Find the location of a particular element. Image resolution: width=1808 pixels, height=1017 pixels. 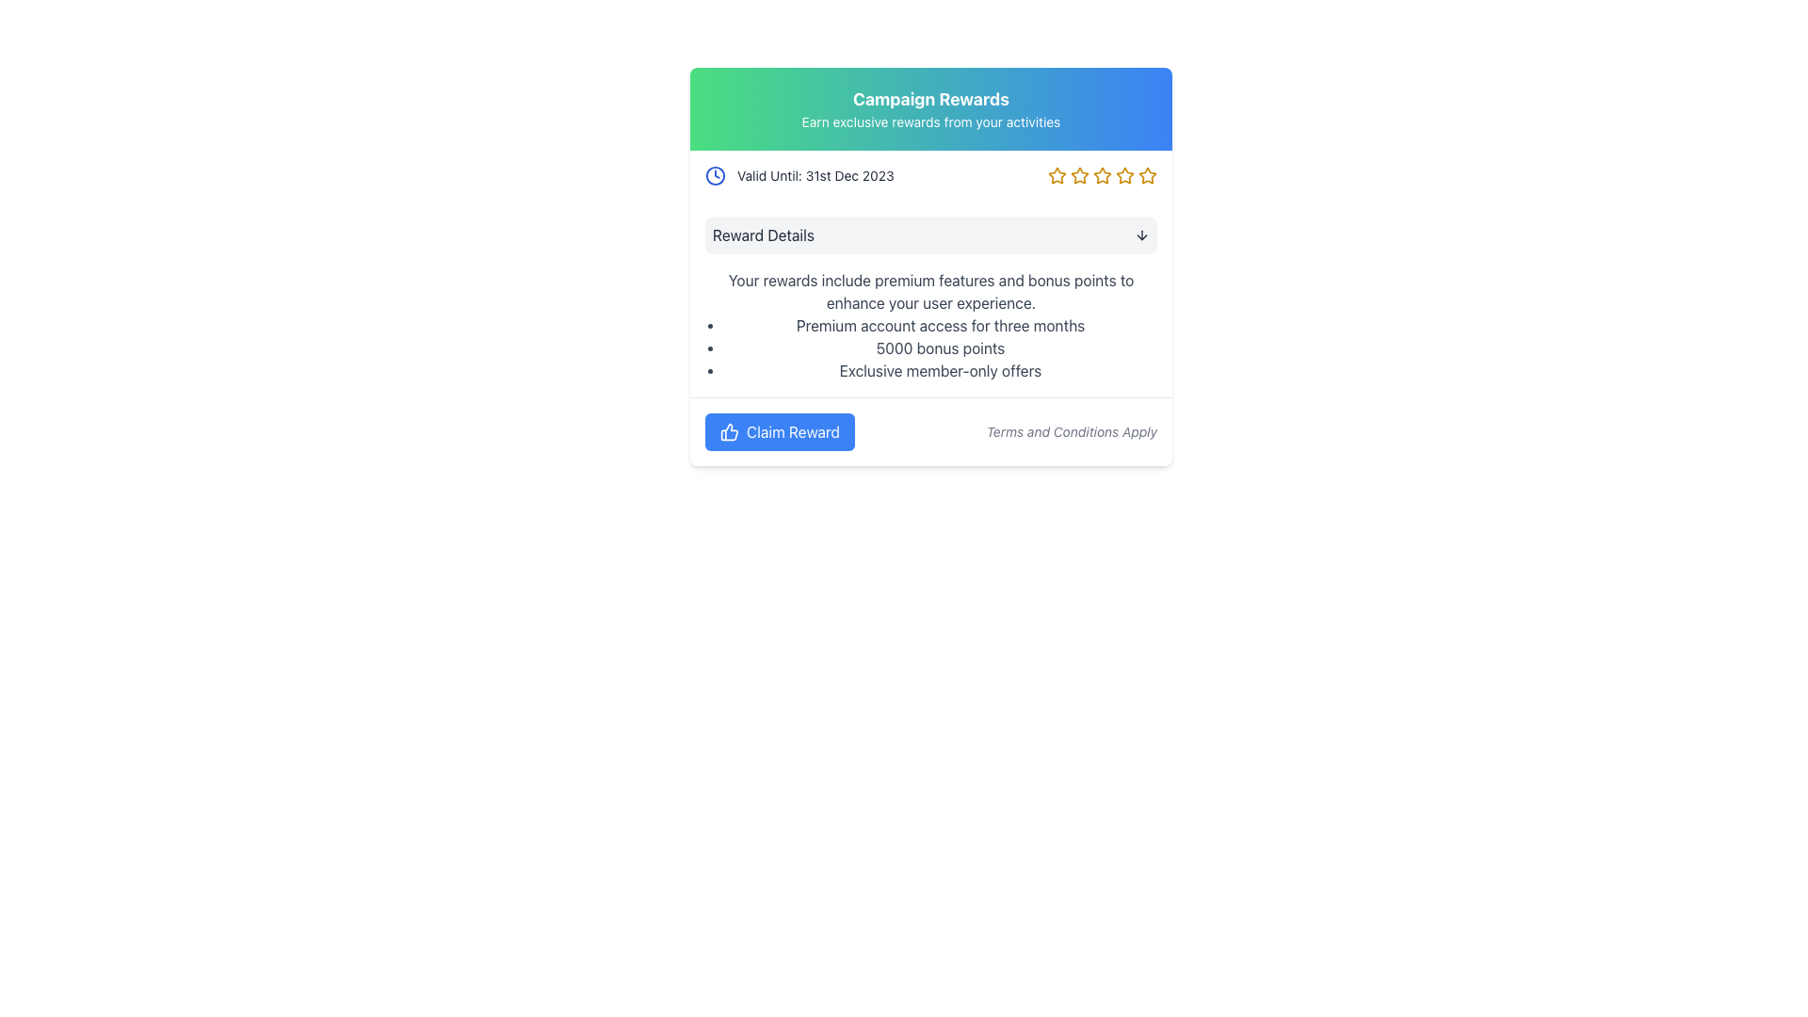

the expandable/collapsible icon located to the far right within the 'Reward Details' section is located at coordinates (1141, 234).